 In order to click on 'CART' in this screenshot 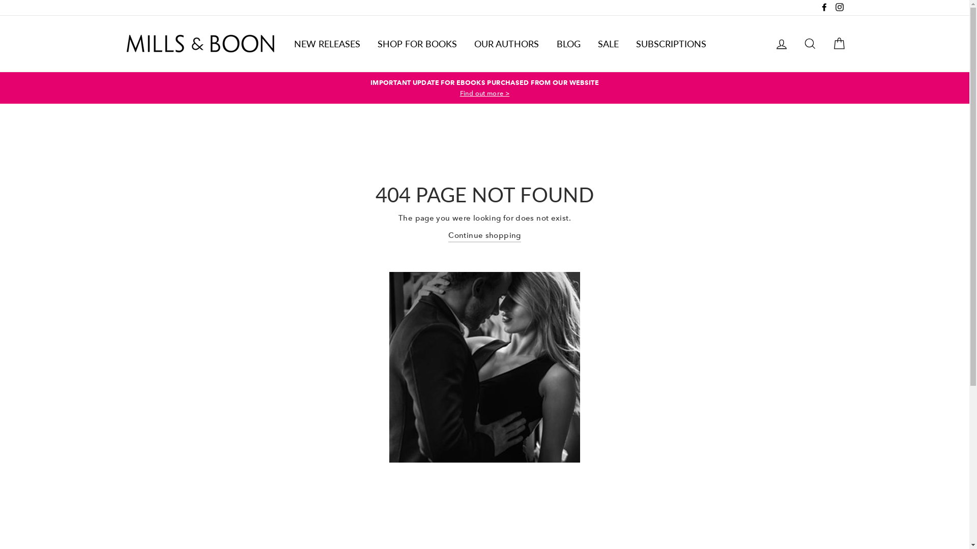, I will do `click(838, 43)`.